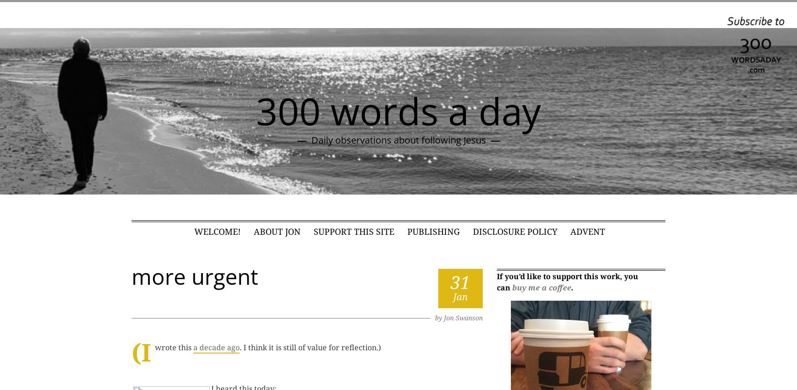  What do you see at coordinates (398, 109) in the screenshot?
I see `'300 words a day'` at bounding box center [398, 109].